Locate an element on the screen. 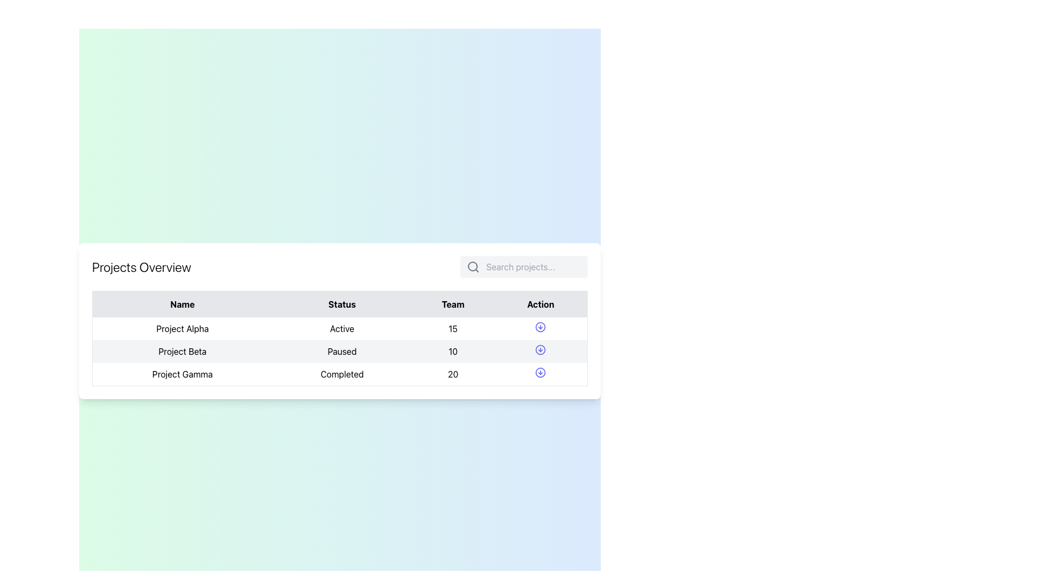 This screenshot has height=585, width=1041. text from the static content element labeled 'Project Alpha' in the first column of the table is located at coordinates (182, 328).